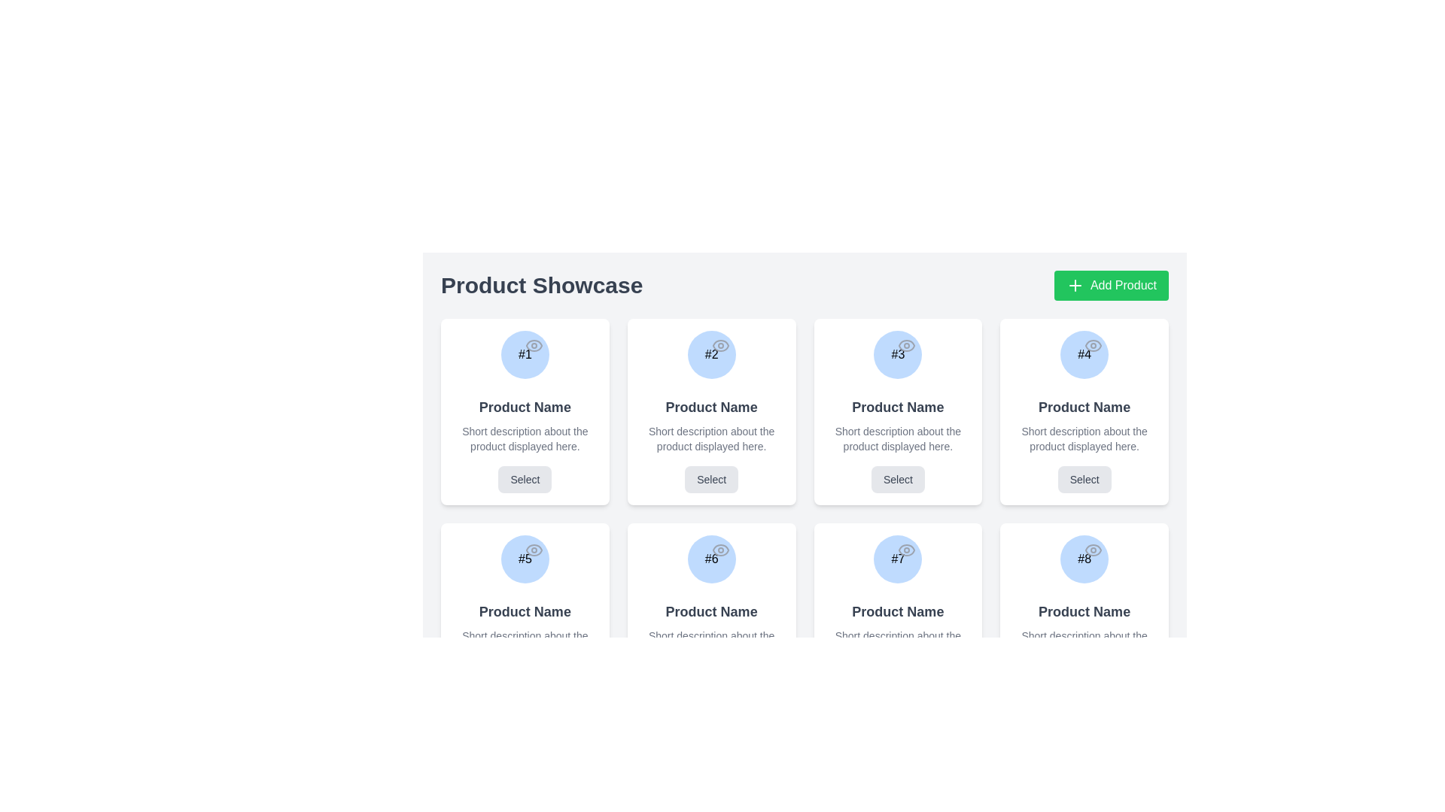 The height and width of the screenshot is (812, 1445). What do you see at coordinates (534, 345) in the screenshot?
I see `the small, eye-shaped SVG icon with a gray stroke located in the top-right corner of the circular area labeled '#1' within the first product card in the grid of products` at bounding box center [534, 345].